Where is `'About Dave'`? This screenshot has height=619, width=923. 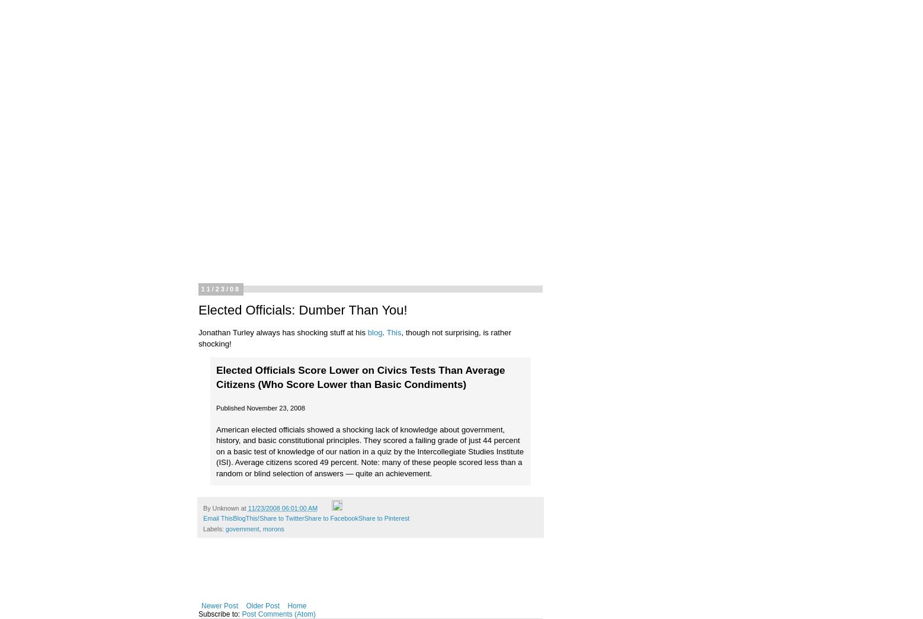 'About Dave' is located at coordinates (58, 163).